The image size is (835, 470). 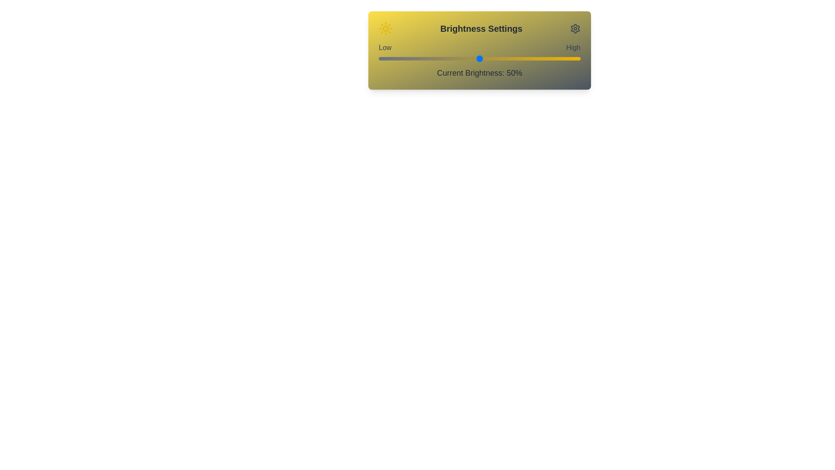 I want to click on settings icon to toggle the visibility of the settings panel, so click(x=574, y=28).